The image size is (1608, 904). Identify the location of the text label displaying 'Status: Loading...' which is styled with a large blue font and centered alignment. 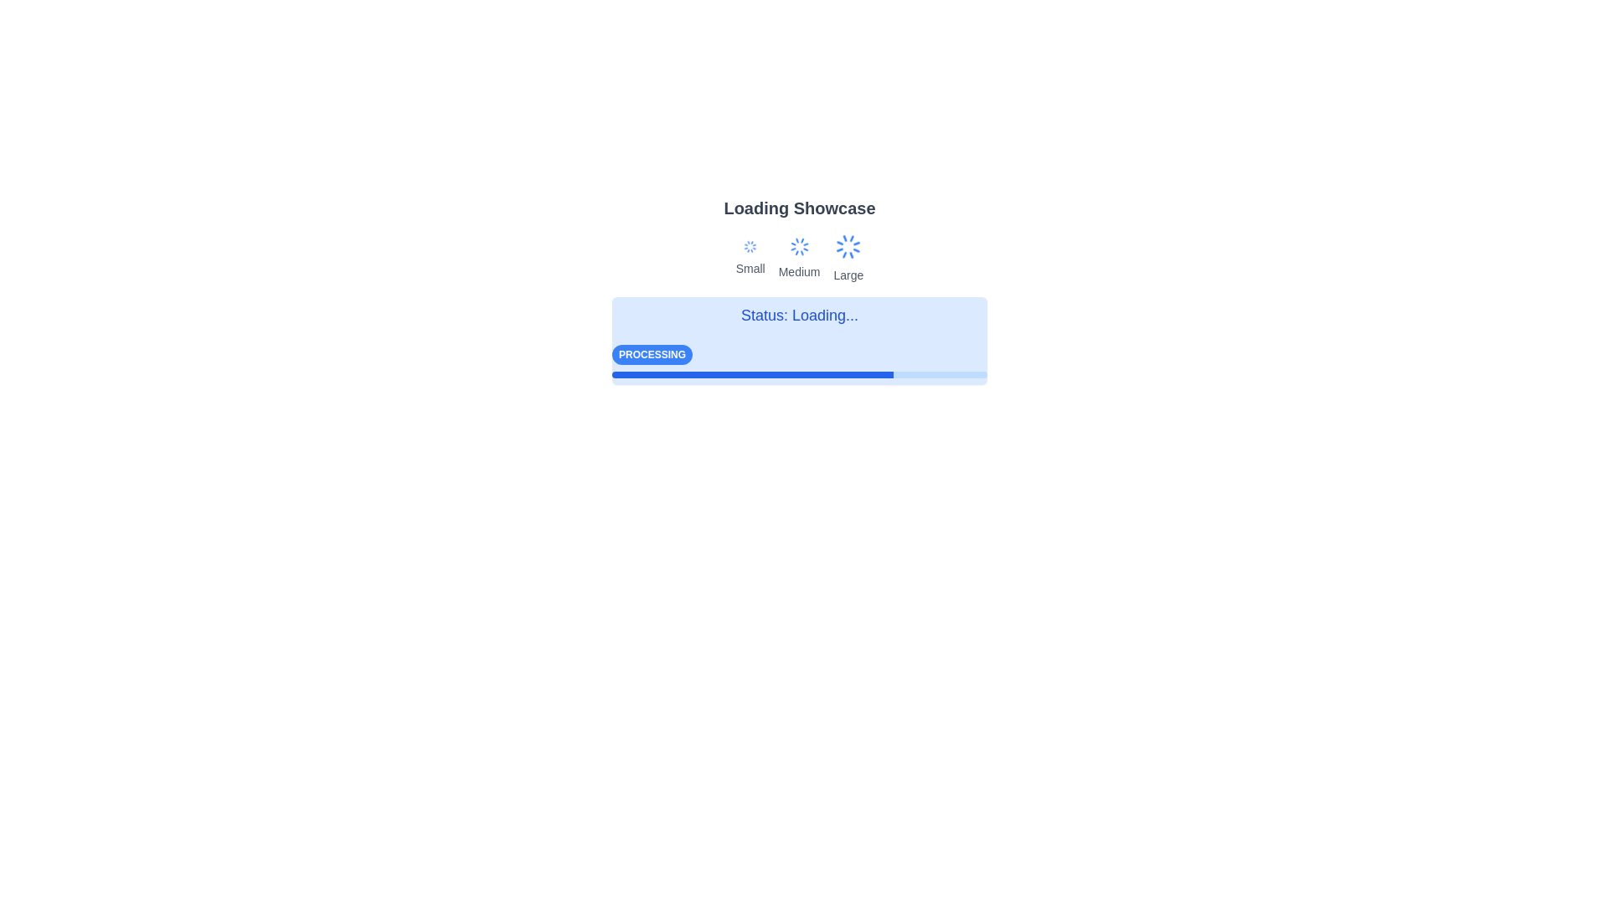
(799, 316).